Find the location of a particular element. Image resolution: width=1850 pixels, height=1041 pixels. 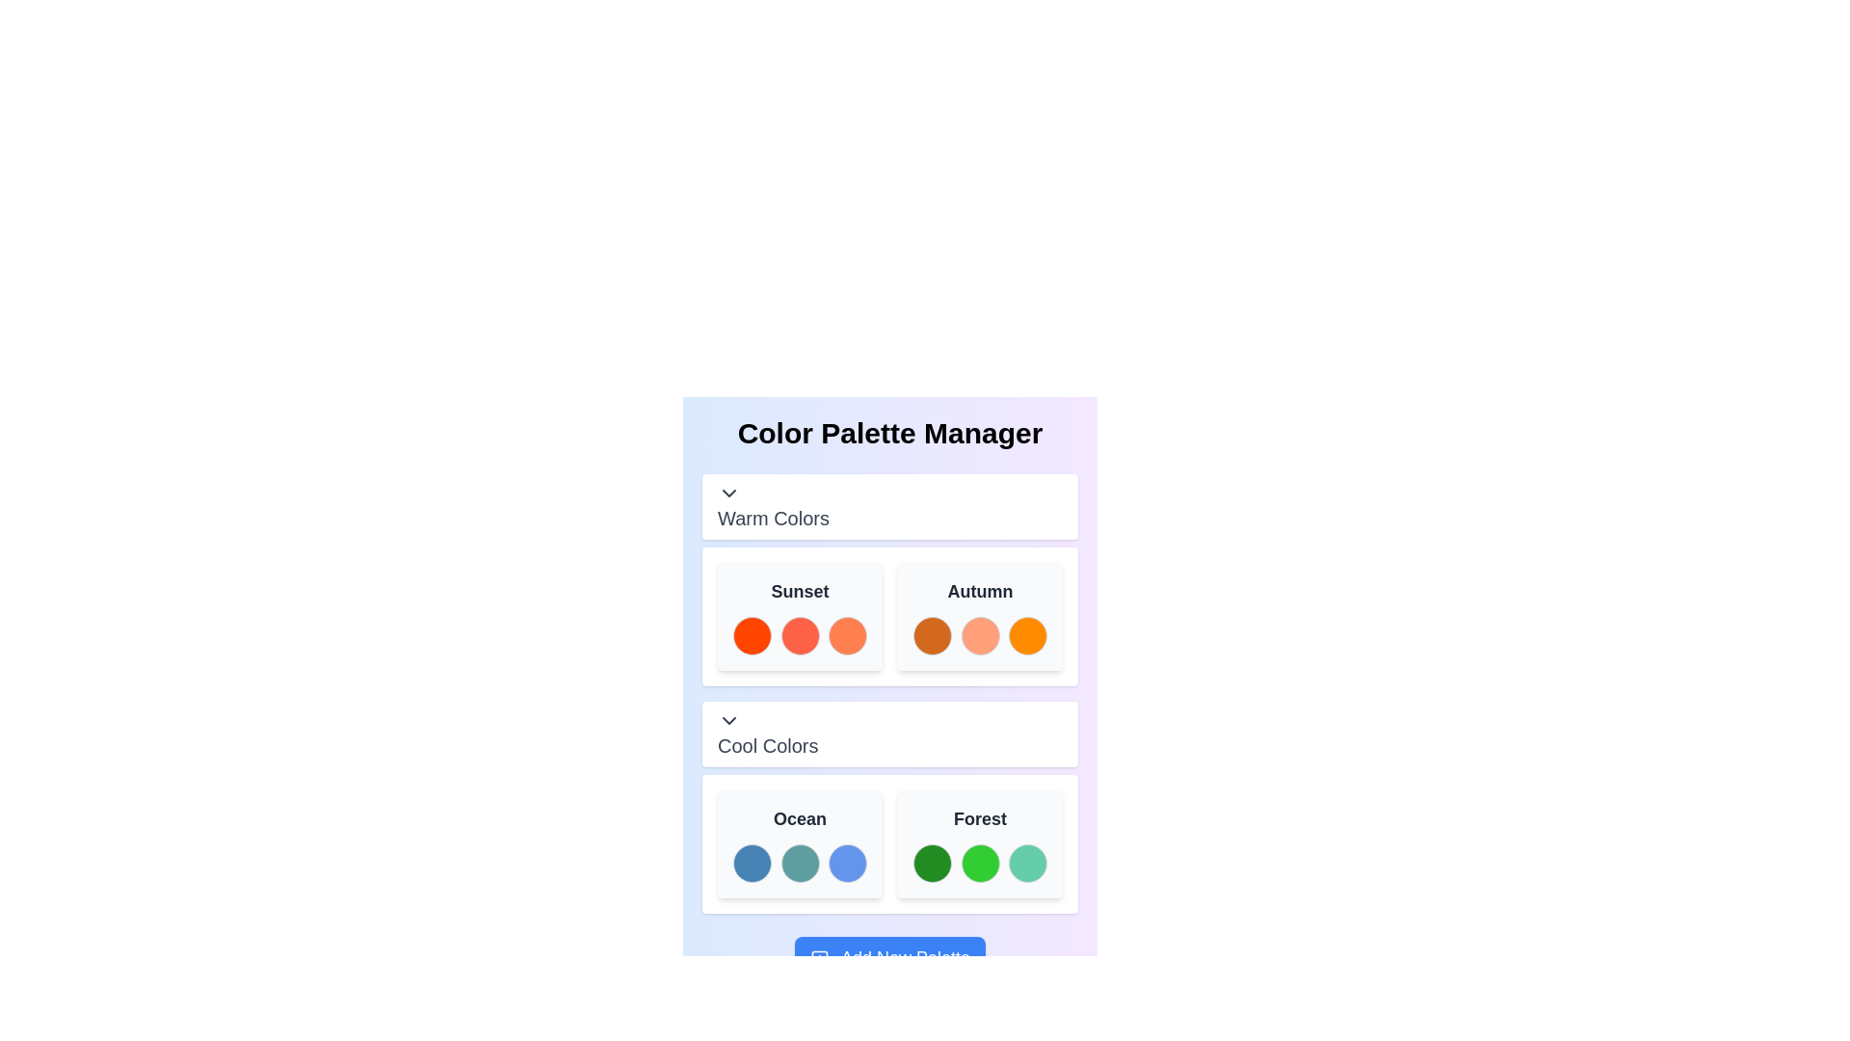

label indicating the specific color palette labeled 'Forest', located in the 'Cool Colors' section below the 'Color Palette Manager' title is located at coordinates (980, 818).